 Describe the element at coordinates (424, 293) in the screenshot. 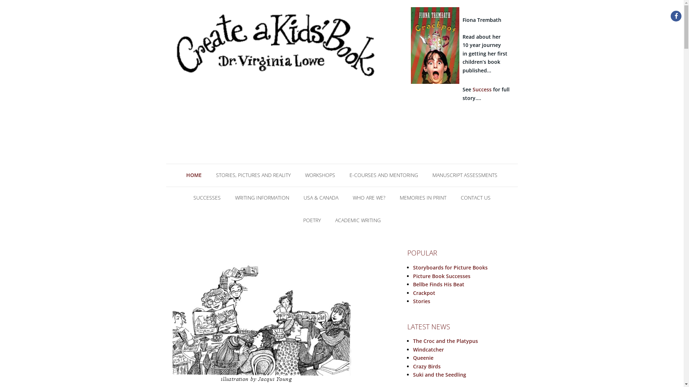

I see `'Crackpot'` at that location.